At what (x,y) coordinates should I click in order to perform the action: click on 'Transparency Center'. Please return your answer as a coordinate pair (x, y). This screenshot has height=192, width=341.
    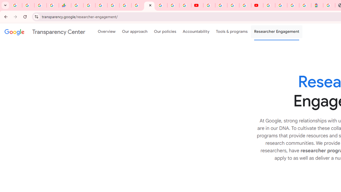
    Looking at the image, I should click on (45, 32).